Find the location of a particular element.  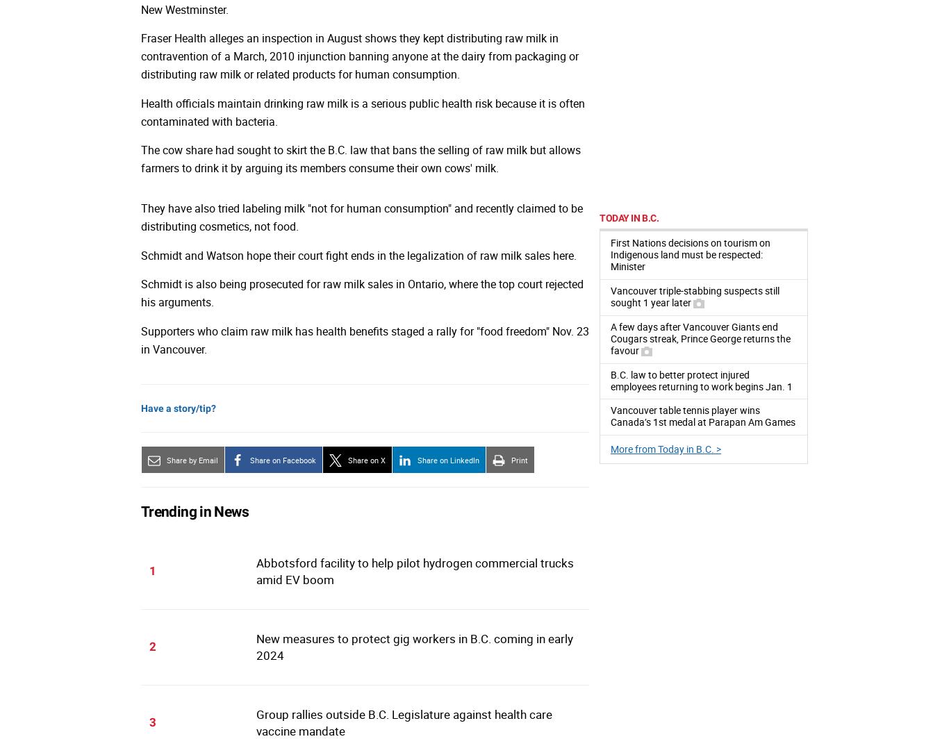

'Share by Email' is located at coordinates (192, 459).